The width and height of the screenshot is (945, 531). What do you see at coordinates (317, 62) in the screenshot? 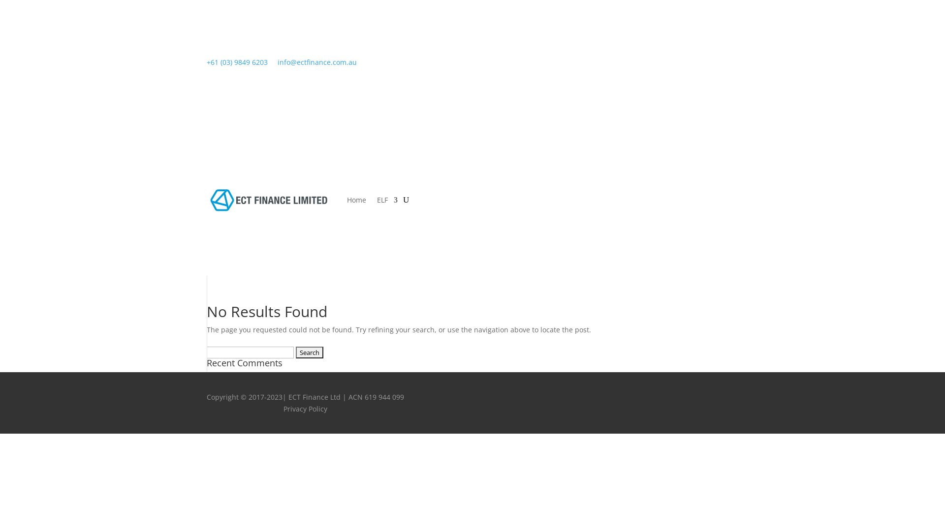
I see `'info@ectfinance.com.au'` at bounding box center [317, 62].